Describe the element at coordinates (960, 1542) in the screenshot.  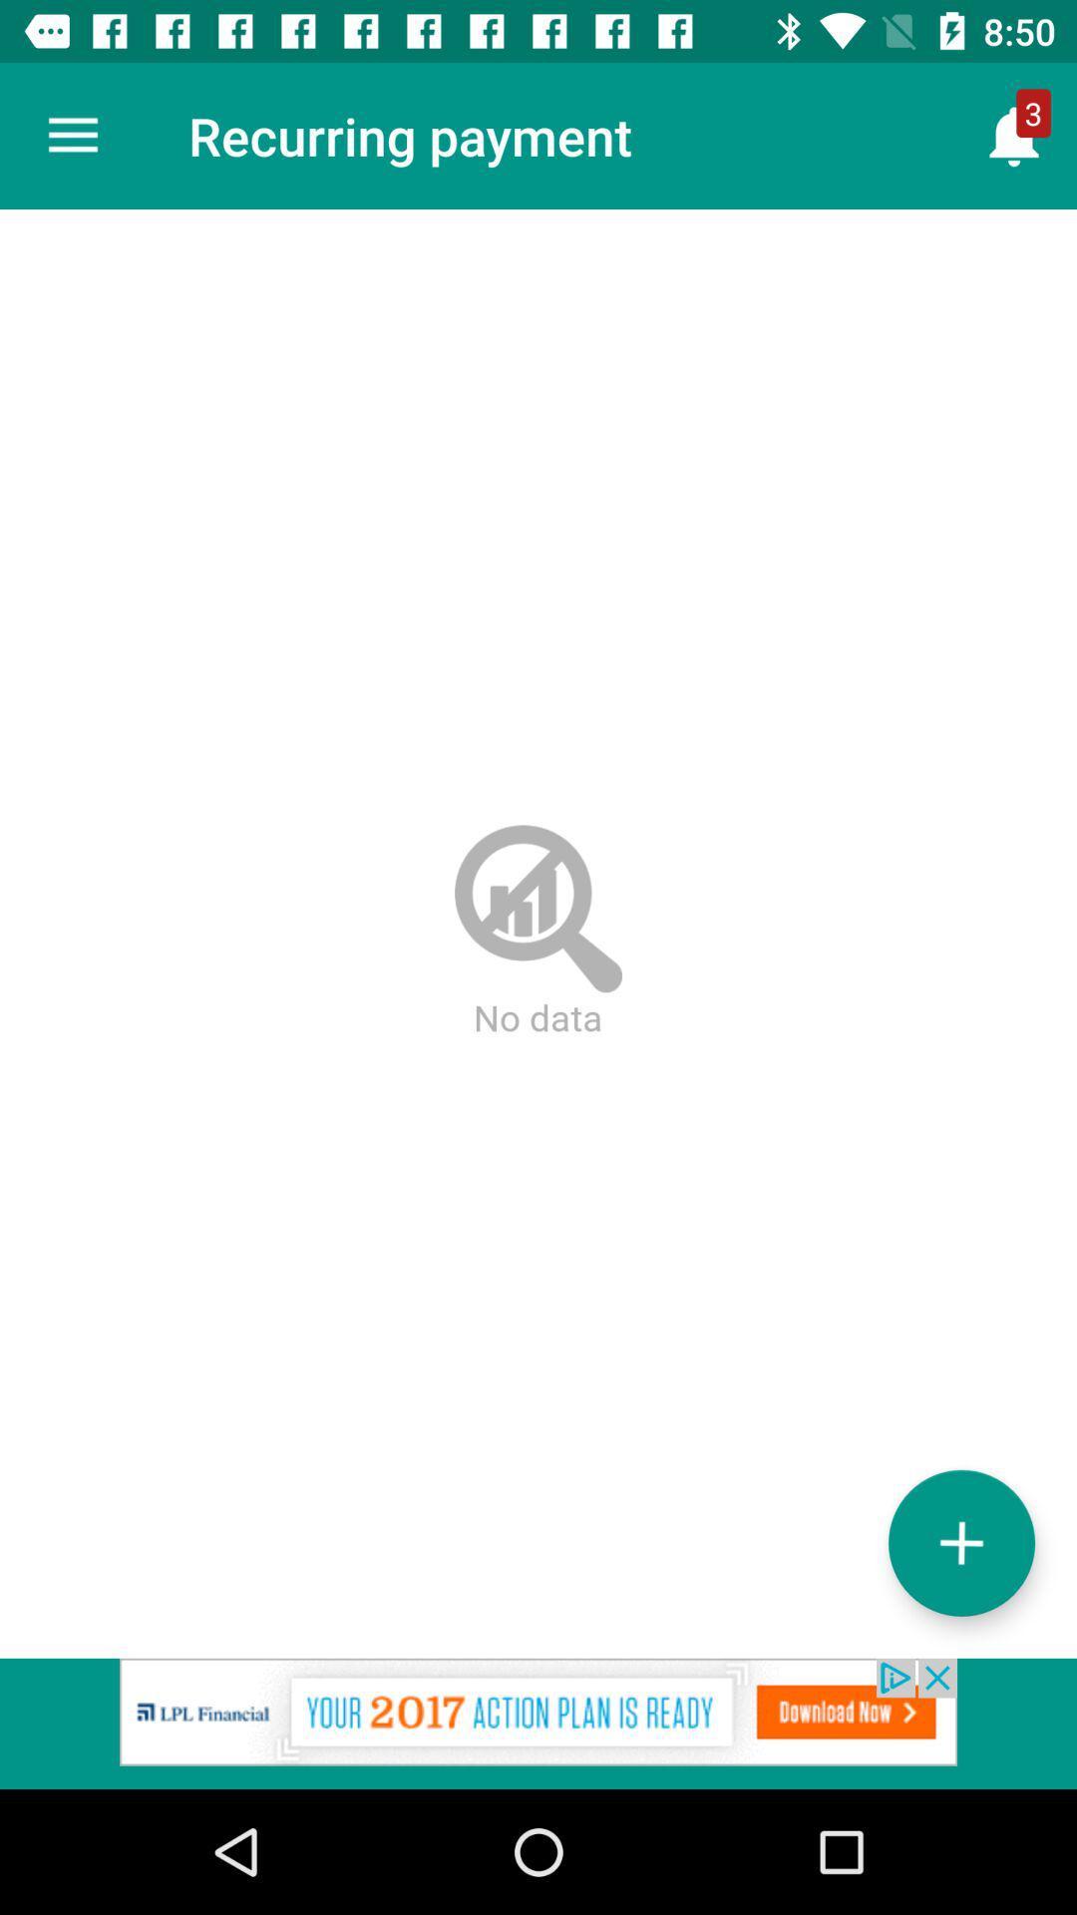
I see `new` at that location.